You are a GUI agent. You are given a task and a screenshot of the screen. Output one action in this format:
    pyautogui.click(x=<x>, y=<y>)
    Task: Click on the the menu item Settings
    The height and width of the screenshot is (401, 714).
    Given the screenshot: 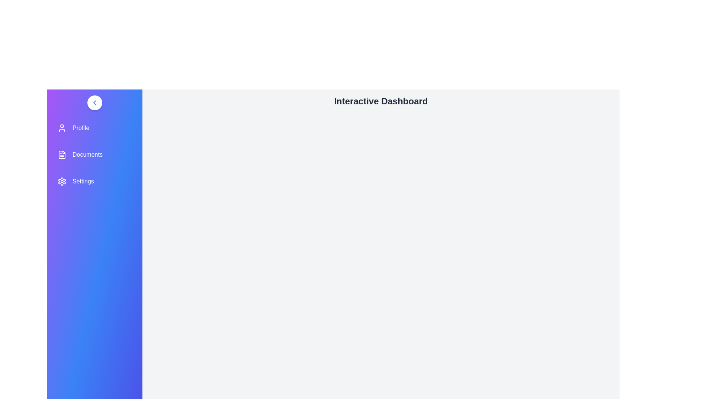 What is the action you would take?
    pyautogui.click(x=94, y=182)
    